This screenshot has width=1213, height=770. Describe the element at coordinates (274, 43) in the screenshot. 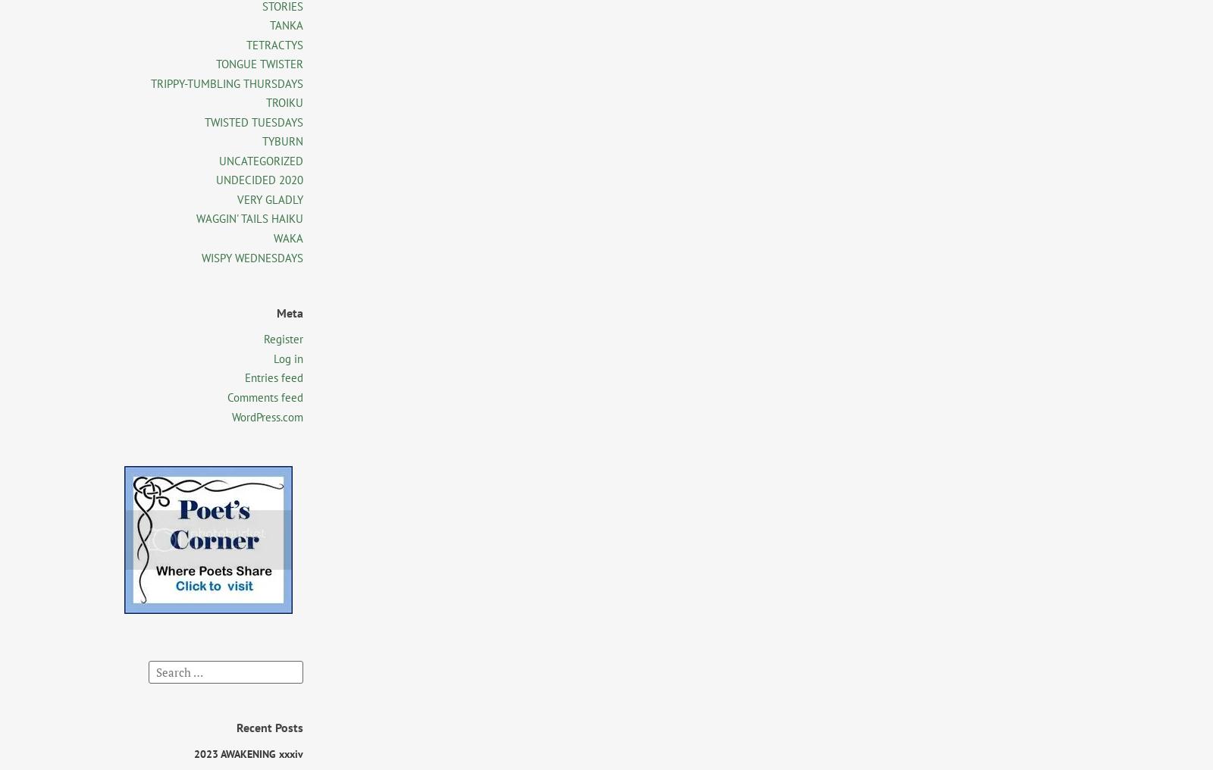

I see `'TETRACTYS'` at that location.